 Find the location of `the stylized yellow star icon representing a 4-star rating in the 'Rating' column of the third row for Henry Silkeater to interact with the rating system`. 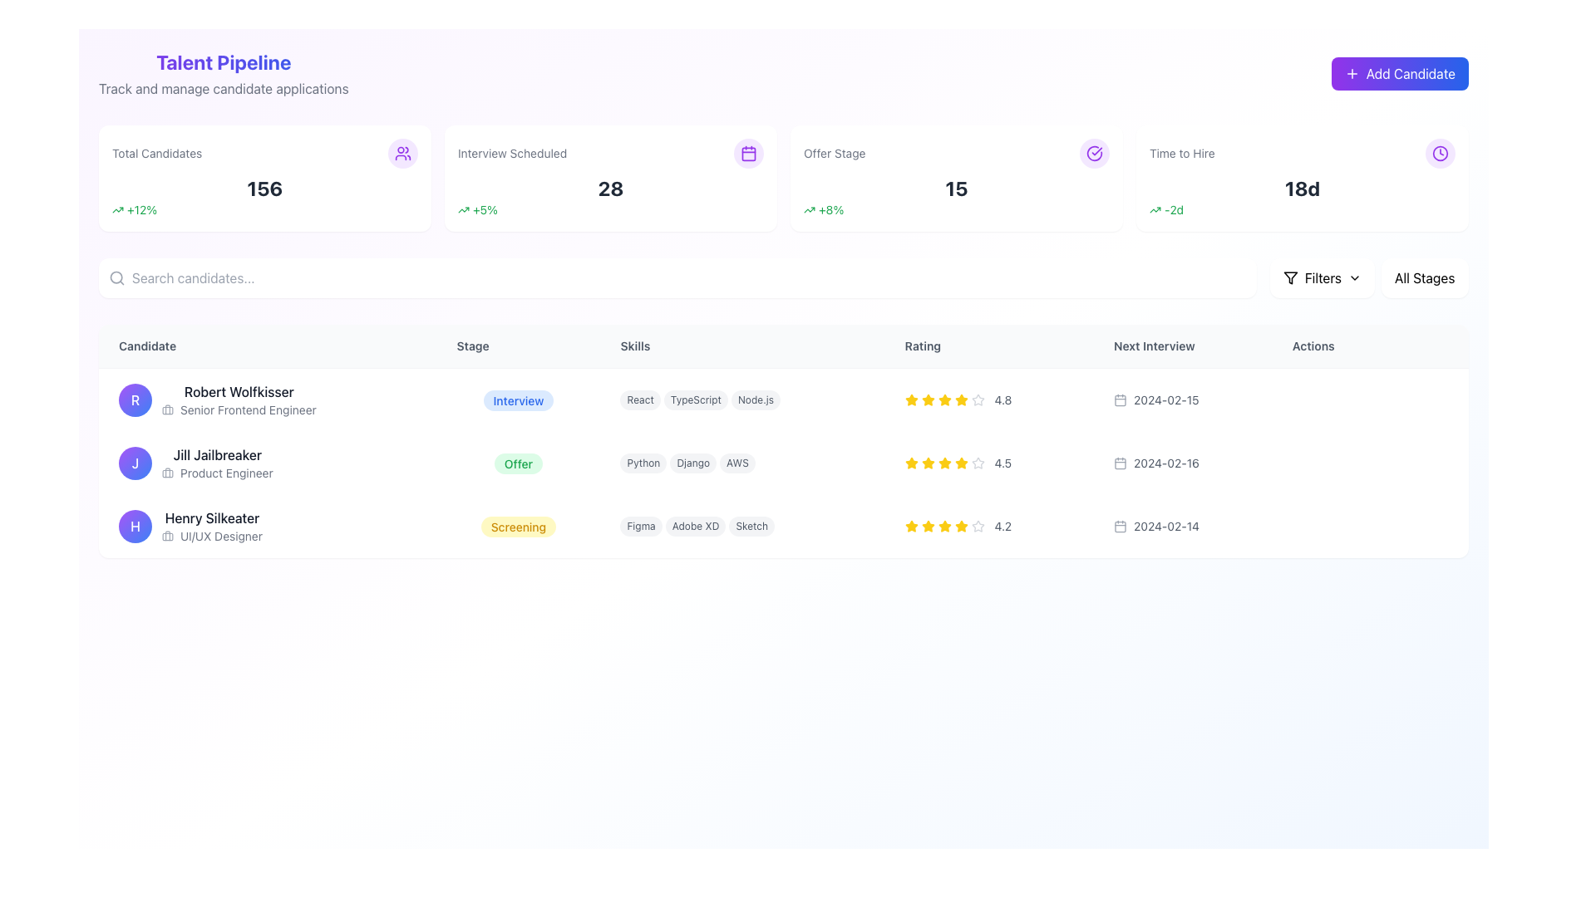

the stylized yellow star icon representing a 4-star rating in the 'Rating' column of the third row for Henry Silkeater to interact with the rating system is located at coordinates (944, 526).